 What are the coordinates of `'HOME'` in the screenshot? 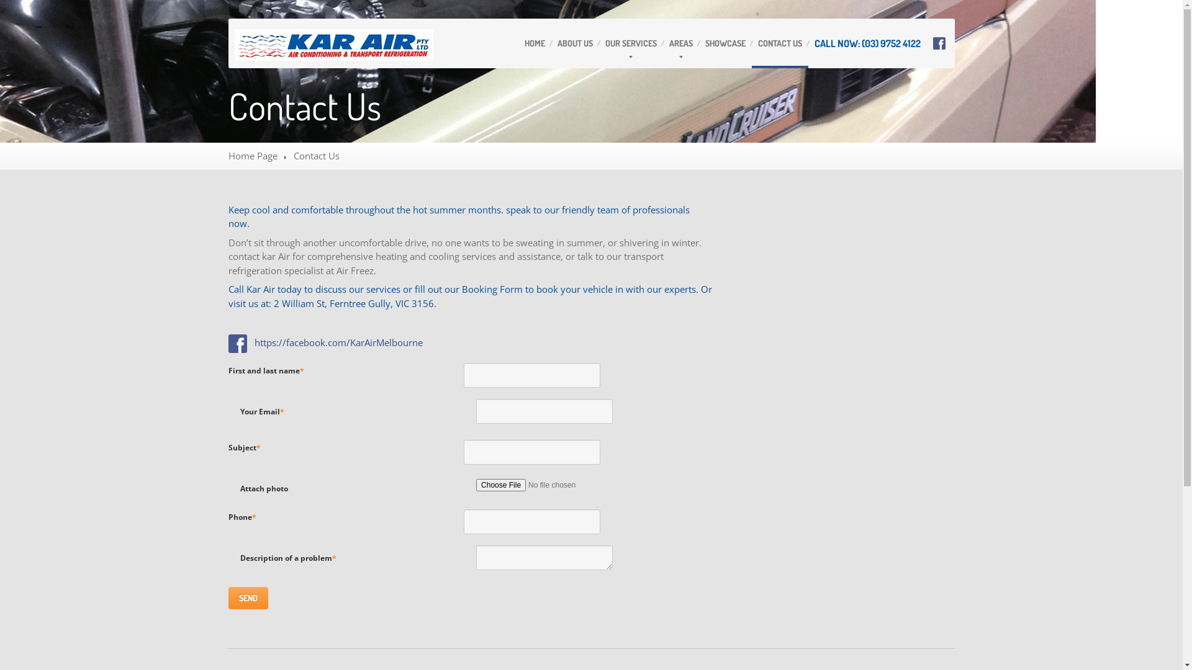 It's located at (518, 42).